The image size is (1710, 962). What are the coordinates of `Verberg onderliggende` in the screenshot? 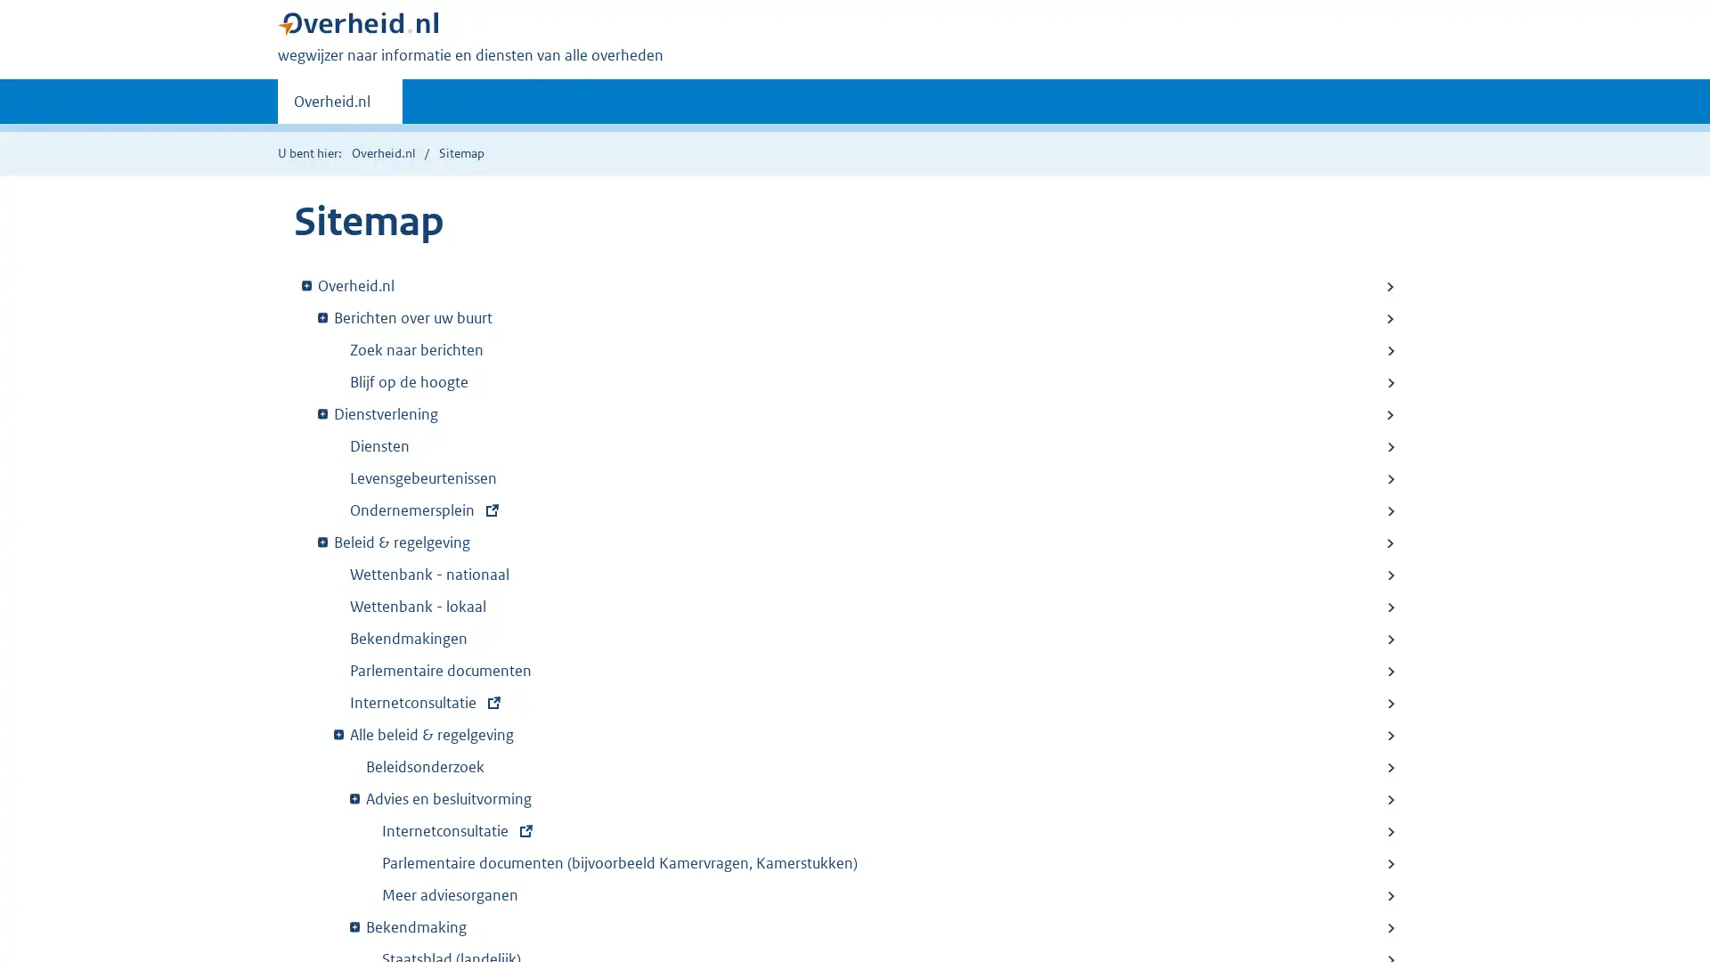 It's located at (322, 315).